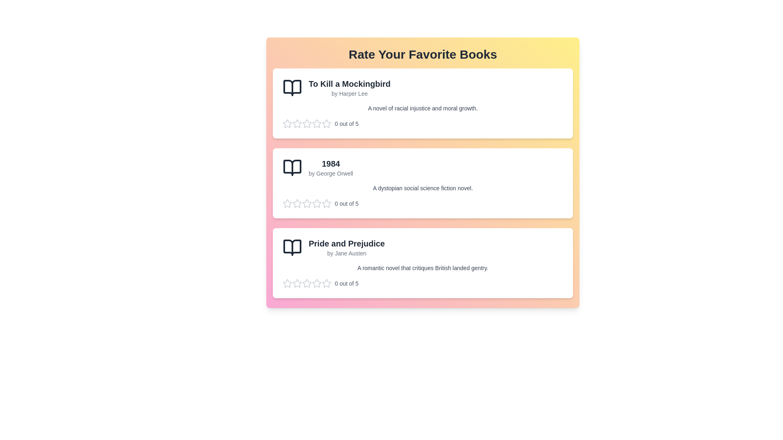  I want to click on the second star icon in the interactive rating system below 'To Kill a Mockingbird' to provide a rating, so click(297, 124).